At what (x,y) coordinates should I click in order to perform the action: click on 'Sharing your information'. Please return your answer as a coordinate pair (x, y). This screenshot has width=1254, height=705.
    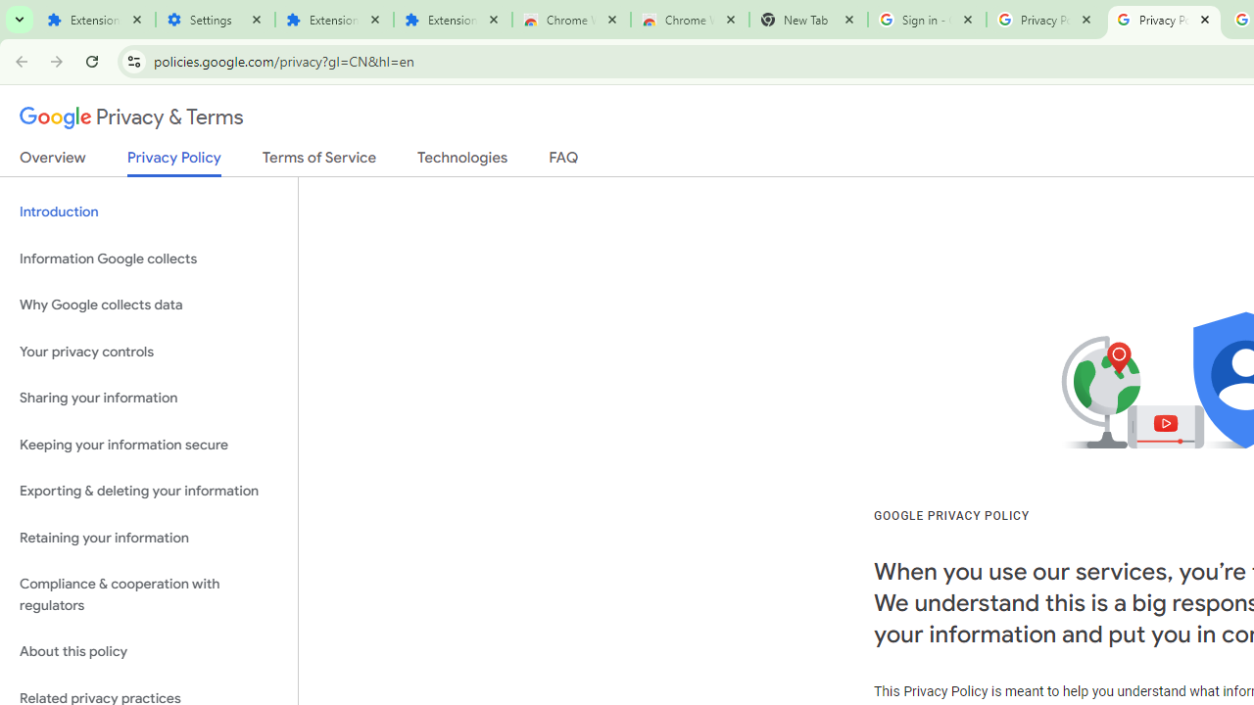
    Looking at the image, I should click on (148, 398).